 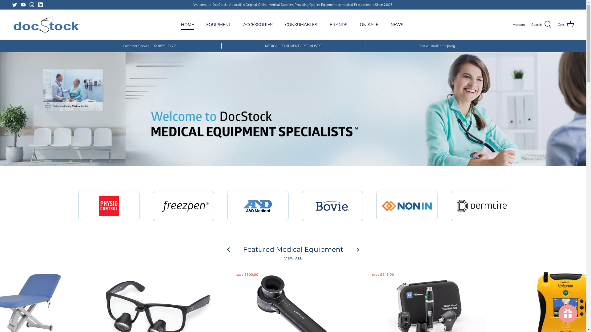 I want to click on 'CONSUMABLES', so click(x=301, y=24).